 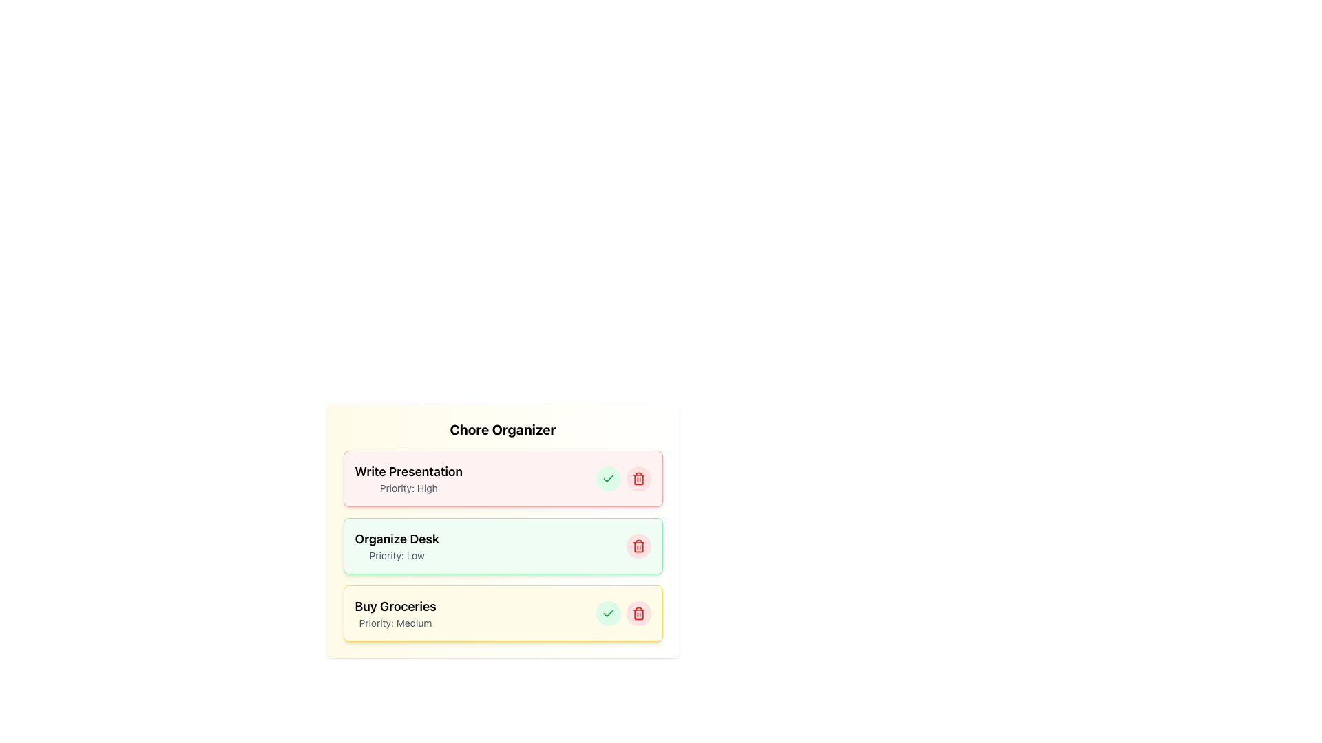 I want to click on the button that marks the task 'Write Presentation - Priority: High' as complete, so click(x=607, y=477).